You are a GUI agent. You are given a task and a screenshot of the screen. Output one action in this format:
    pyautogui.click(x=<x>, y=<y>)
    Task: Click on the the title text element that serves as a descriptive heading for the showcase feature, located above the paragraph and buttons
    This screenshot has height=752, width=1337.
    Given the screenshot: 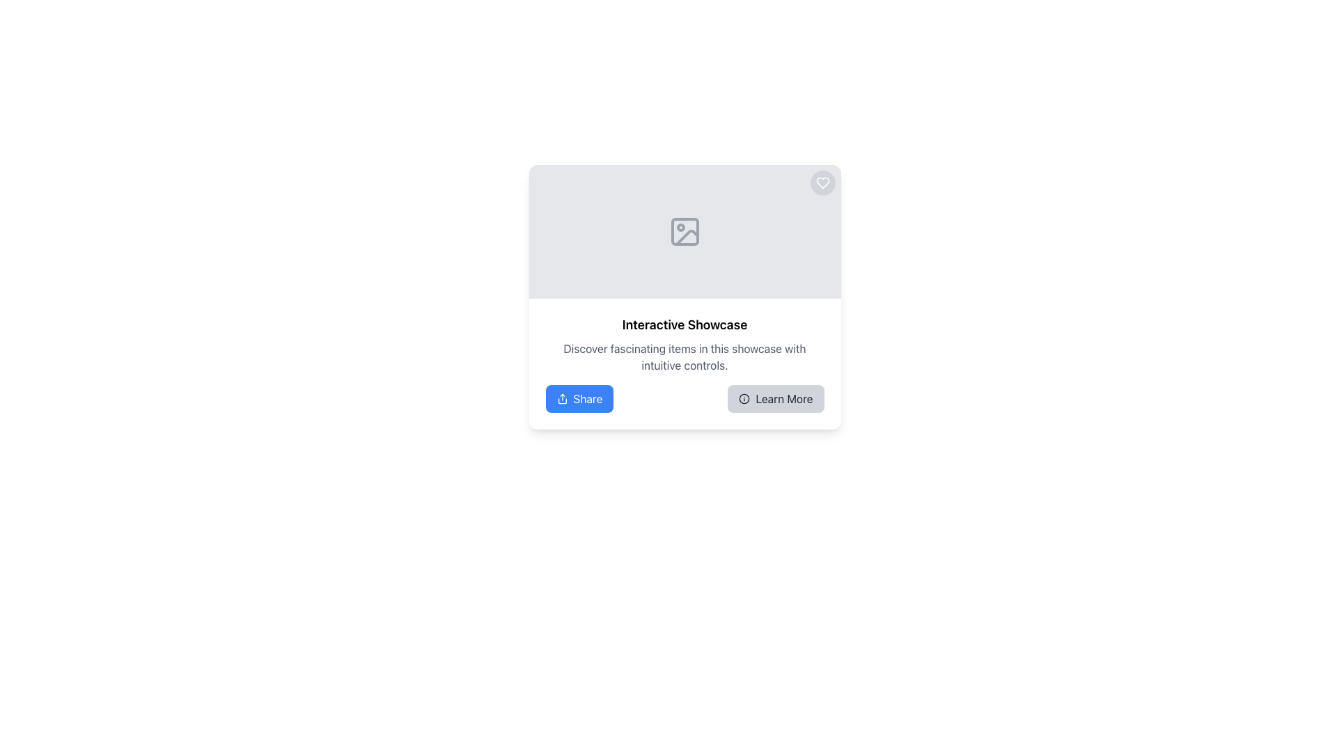 What is the action you would take?
    pyautogui.click(x=685, y=324)
    